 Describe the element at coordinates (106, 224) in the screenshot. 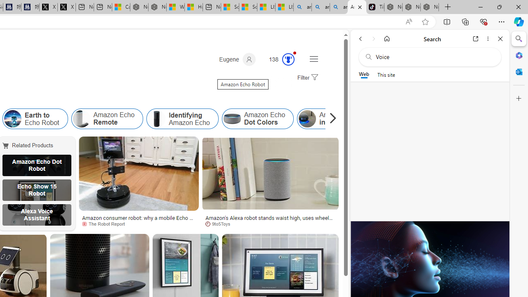

I see `'The Robot Report'` at that location.